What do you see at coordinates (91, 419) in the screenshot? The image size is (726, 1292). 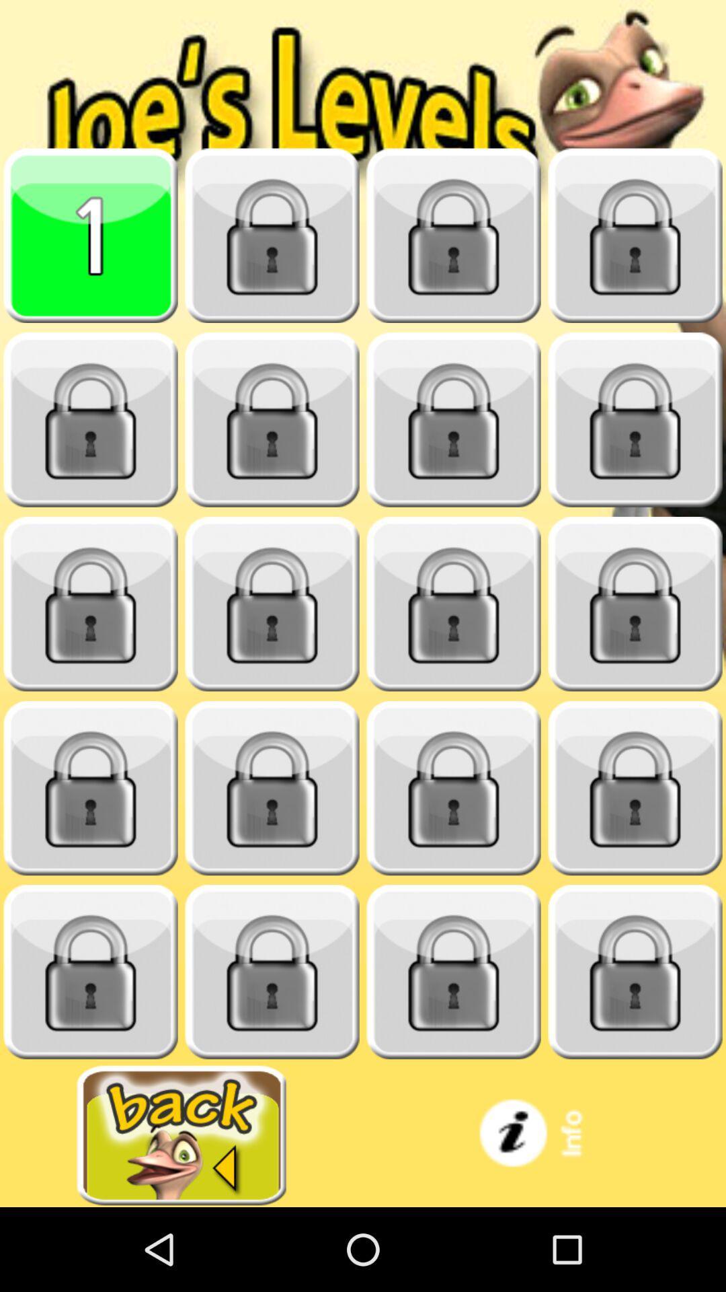 I see `lock` at bounding box center [91, 419].